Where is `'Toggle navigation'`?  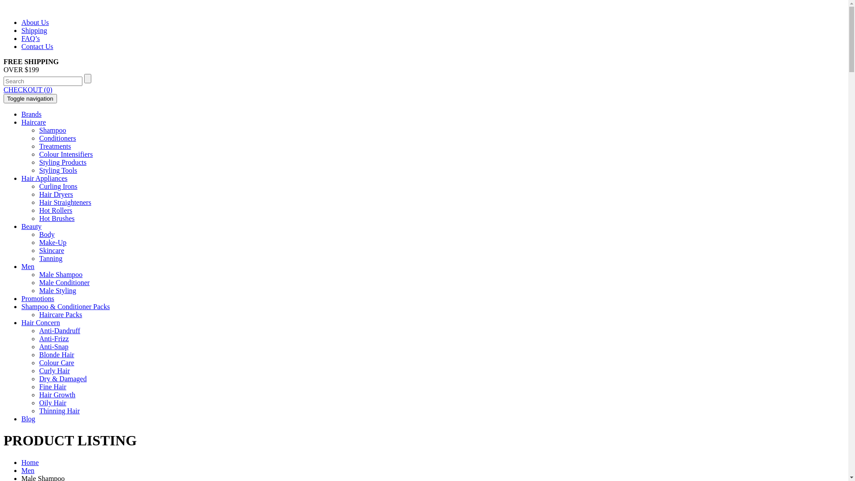 'Toggle navigation' is located at coordinates (30, 98).